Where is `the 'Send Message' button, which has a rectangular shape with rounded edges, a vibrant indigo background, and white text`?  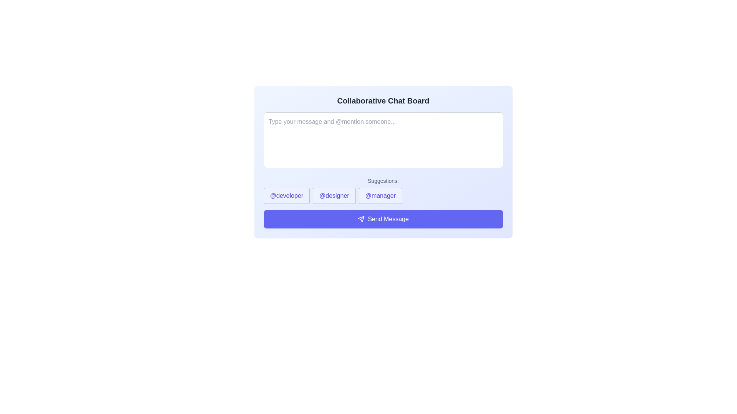 the 'Send Message' button, which has a rectangular shape with rounded edges, a vibrant indigo background, and white text is located at coordinates (383, 219).